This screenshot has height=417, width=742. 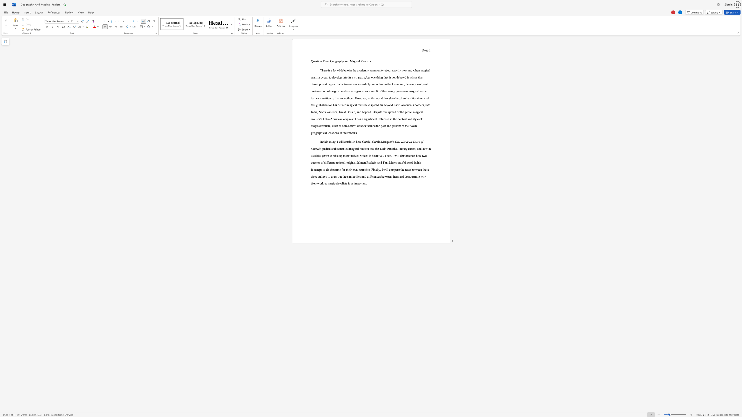 I want to click on the subset text "ent of their own geographical locations in" within the text "in the content and style of magical realism, even as non-Latinx authors include the past and present of their own geographical locations in their works.", so click(x=397, y=126).